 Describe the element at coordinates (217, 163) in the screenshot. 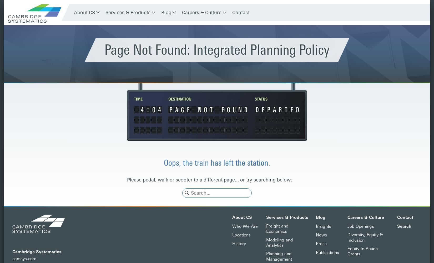

I see `'Oops, the train has left the station.'` at that location.